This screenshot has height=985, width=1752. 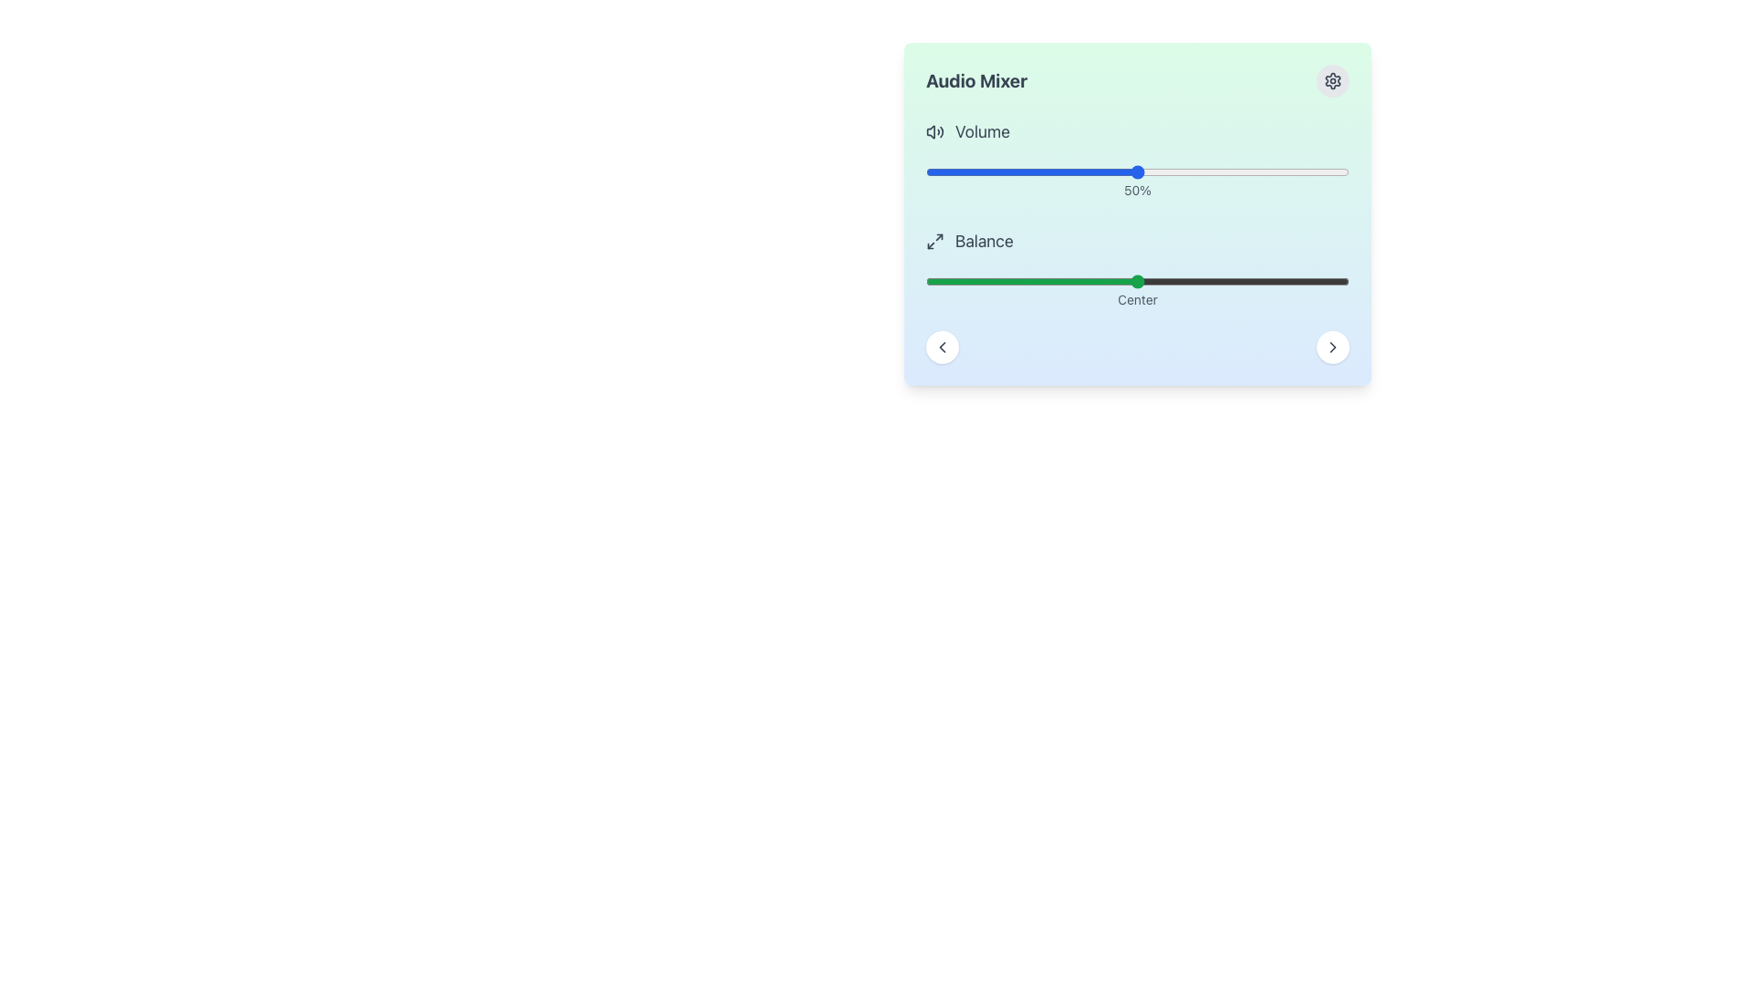 What do you see at coordinates (942, 347) in the screenshot?
I see `the leftward-chevron icon button located at the bottom-left corner of the 'Audio Mixer' card` at bounding box center [942, 347].